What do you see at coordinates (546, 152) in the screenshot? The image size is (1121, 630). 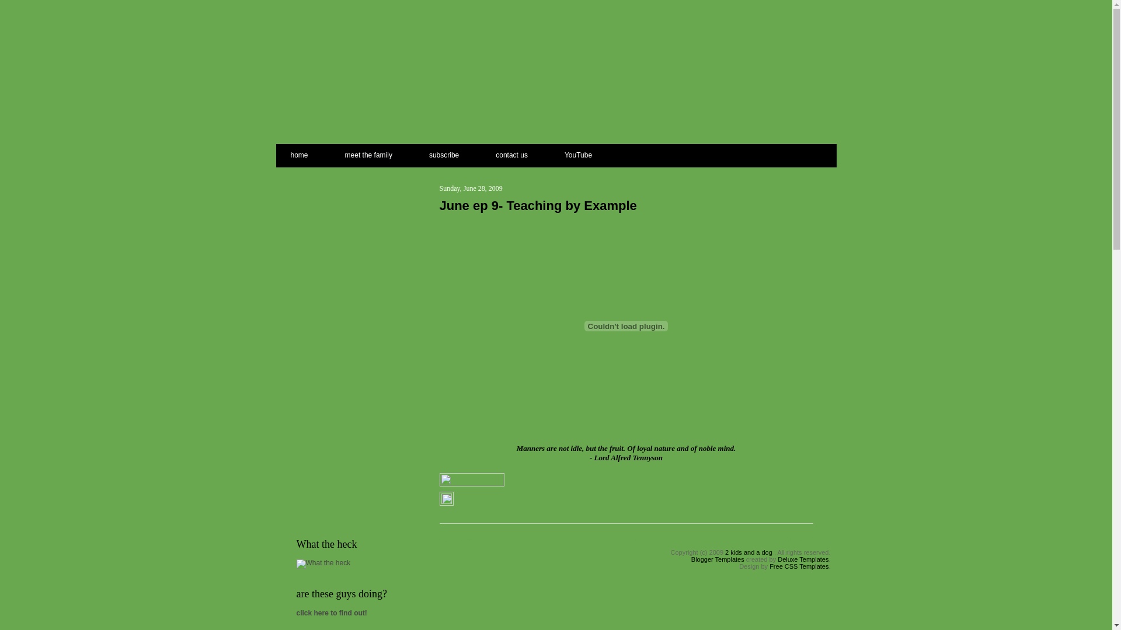 I see `'YouTube'` at bounding box center [546, 152].